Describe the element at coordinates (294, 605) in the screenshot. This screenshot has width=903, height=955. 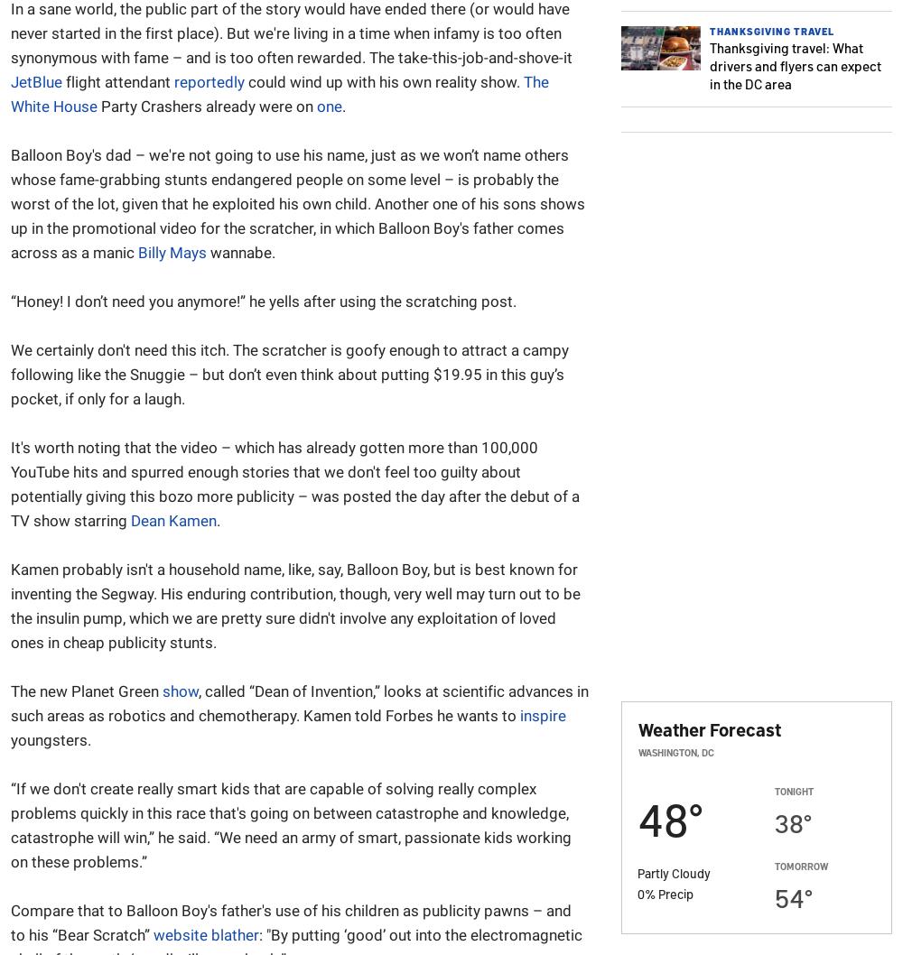
I see `'Kamen probably isn't a household name, like, say, Balloon Boy, but is best known for inventing the Segway. His enduring contribution, though, very well may turn out to be the insulin pump, which we are pretty sure didn't involve any exploitation of loved ones in cheap publicity stunts.'` at that location.